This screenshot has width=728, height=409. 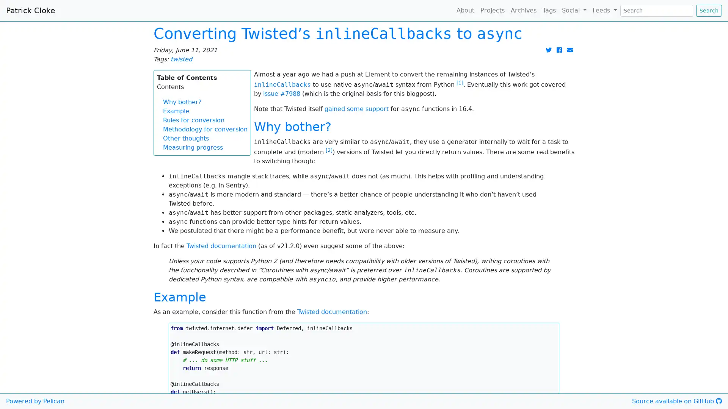 What do you see at coordinates (709, 10) in the screenshot?
I see `Search` at bounding box center [709, 10].